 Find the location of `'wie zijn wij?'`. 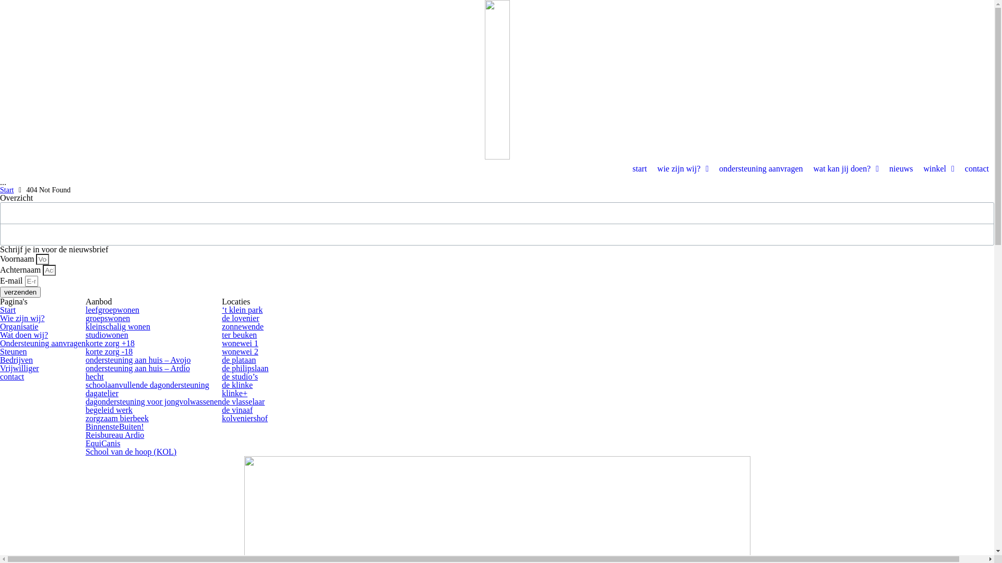

'wie zijn wij?' is located at coordinates (683, 168).